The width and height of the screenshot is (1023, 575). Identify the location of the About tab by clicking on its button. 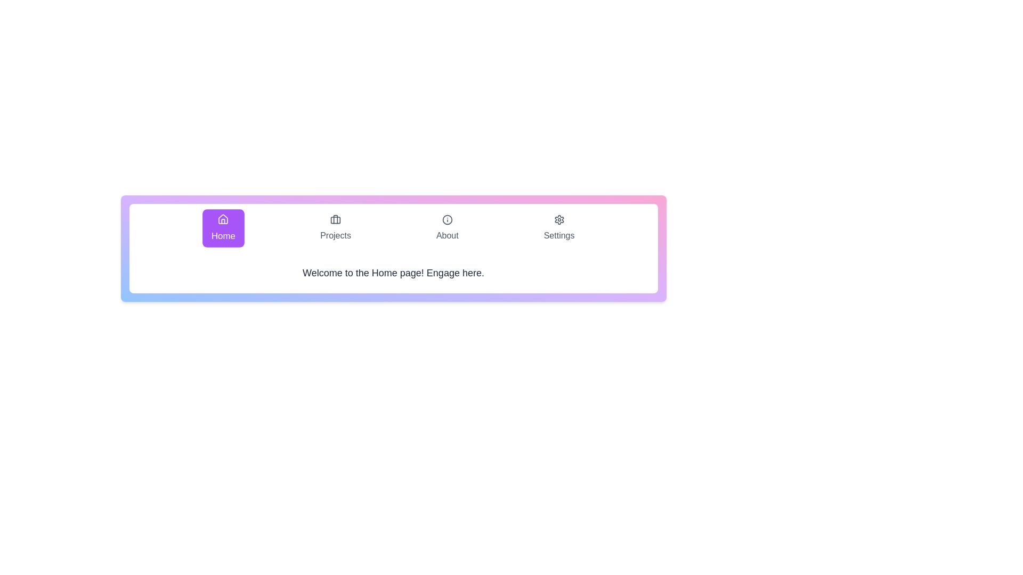
(447, 227).